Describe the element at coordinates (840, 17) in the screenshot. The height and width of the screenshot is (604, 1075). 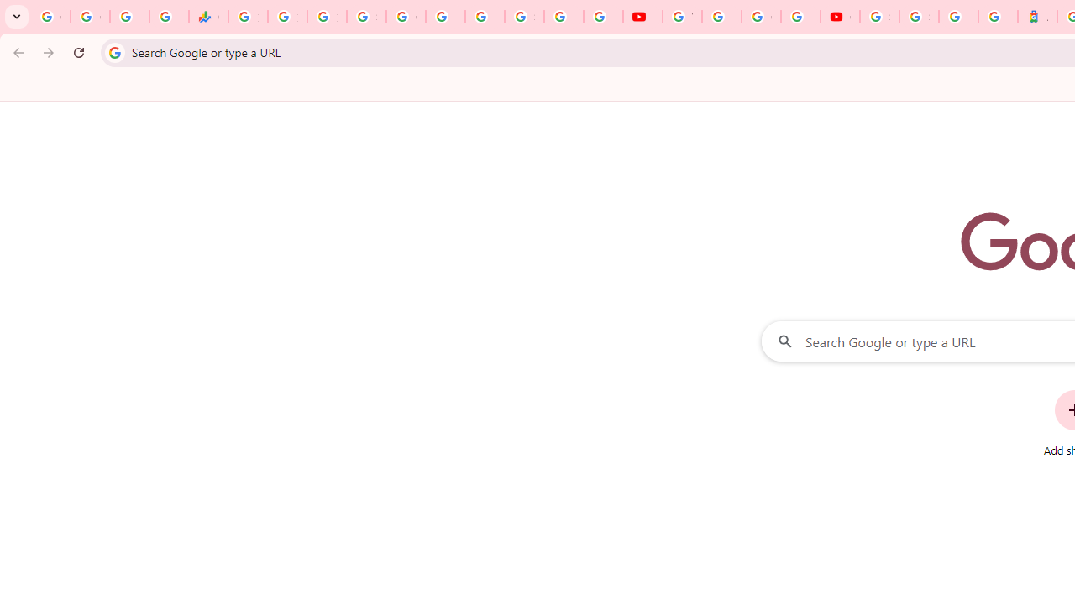
I see `'Content Creator Programs & Opportunities - YouTube Creators'` at that location.